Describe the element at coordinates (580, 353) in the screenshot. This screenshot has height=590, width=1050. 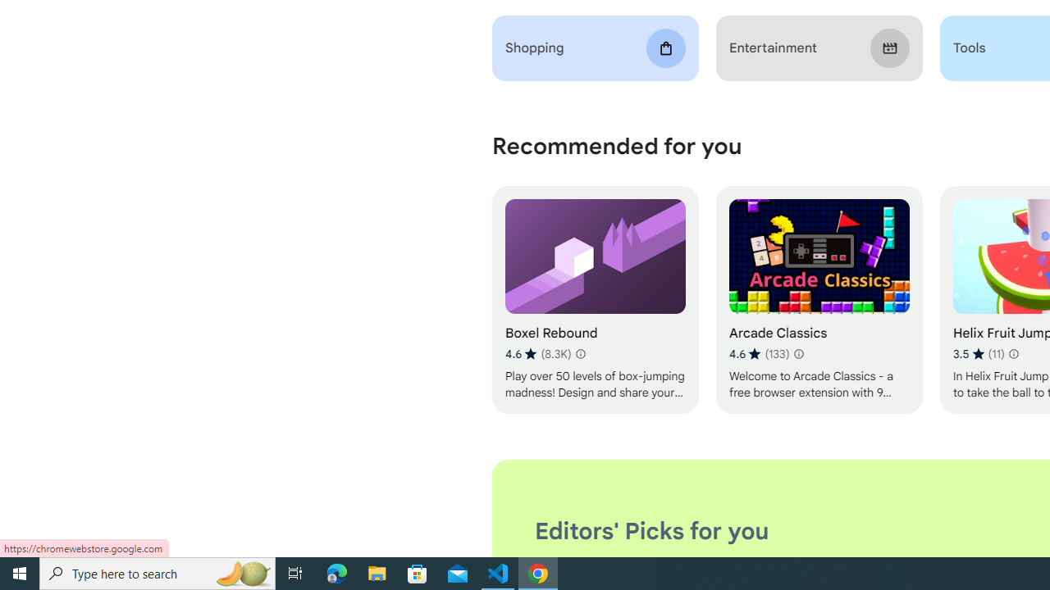
I see `'Learn more about results and reviews "Boxel Rebound"'` at that location.